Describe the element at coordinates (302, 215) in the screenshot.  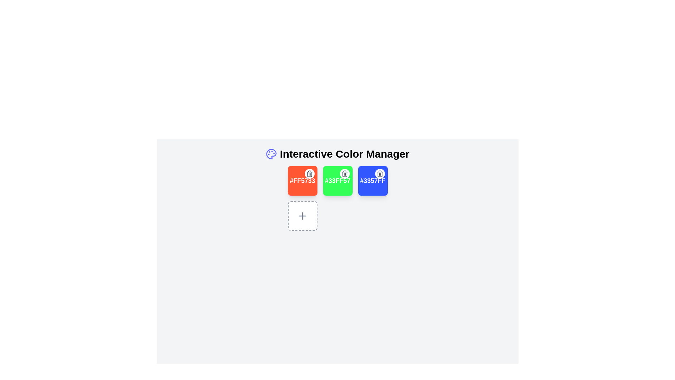
I see `the plus (+) icon button with a dashed border, located centrally beneath the color blocks in a grid interface` at that location.